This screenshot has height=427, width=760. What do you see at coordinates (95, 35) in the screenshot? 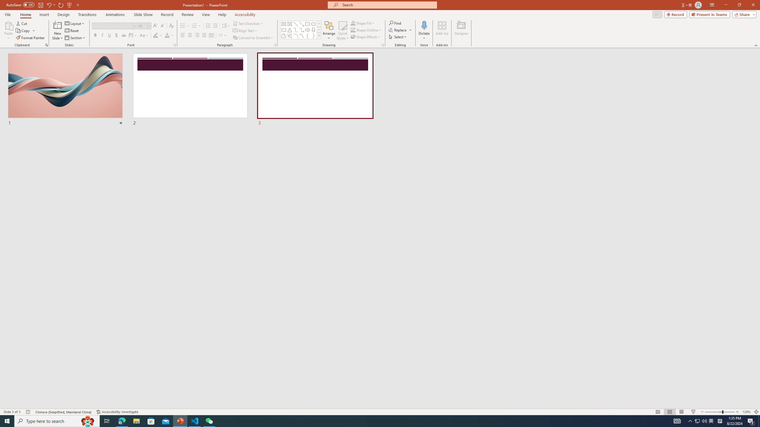
I see `'Bold'` at bounding box center [95, 35].